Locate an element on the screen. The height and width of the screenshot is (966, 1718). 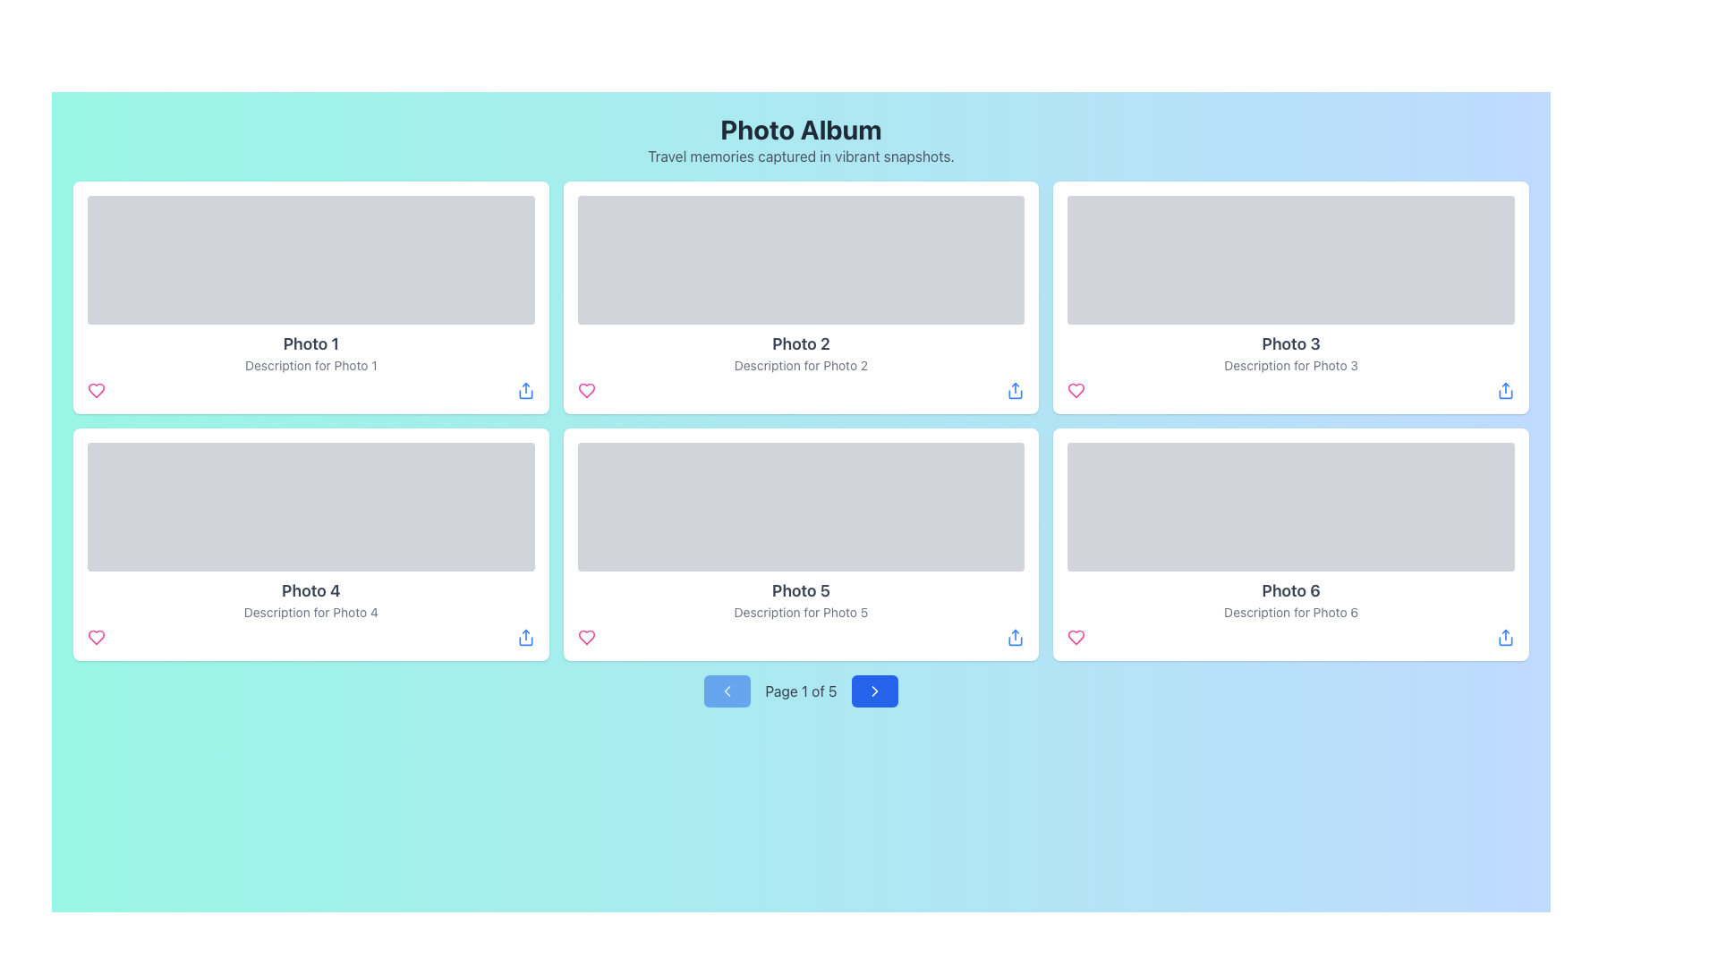
the text label displaying 'Photo 6' which is located in the bottom-right card of a 3x2 grid layout, centrally positioned above the description text is located at coordinates (1291, 590).